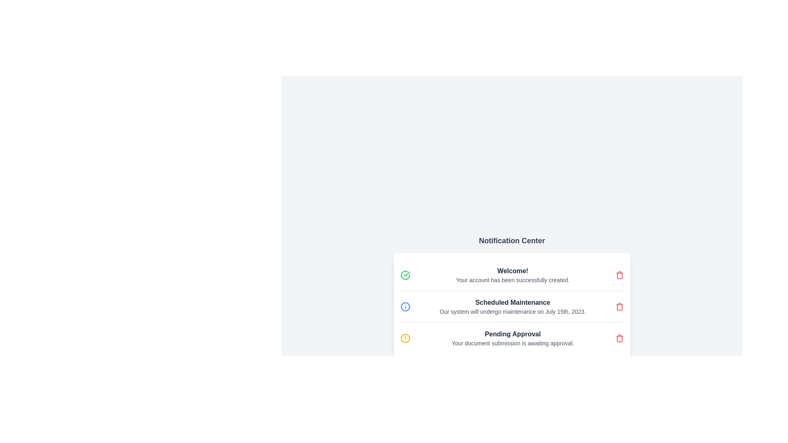  I want to click on the circular icon with a yellow border and exclamation mark located in the third notification row of the Notification Center to potentially observe a tooltip, so click(405, 338).